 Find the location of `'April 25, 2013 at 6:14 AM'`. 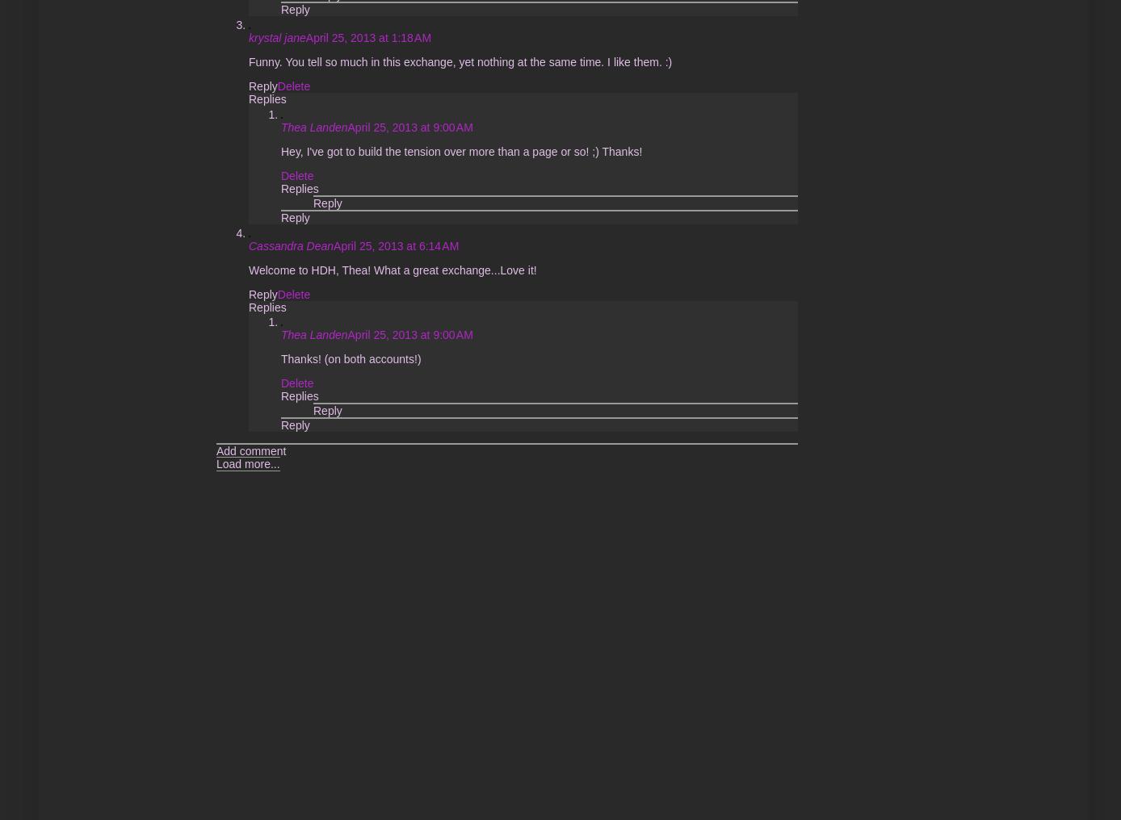

'April 25, 2013 at 6:14 AM' is located at coordinates (396, 244).